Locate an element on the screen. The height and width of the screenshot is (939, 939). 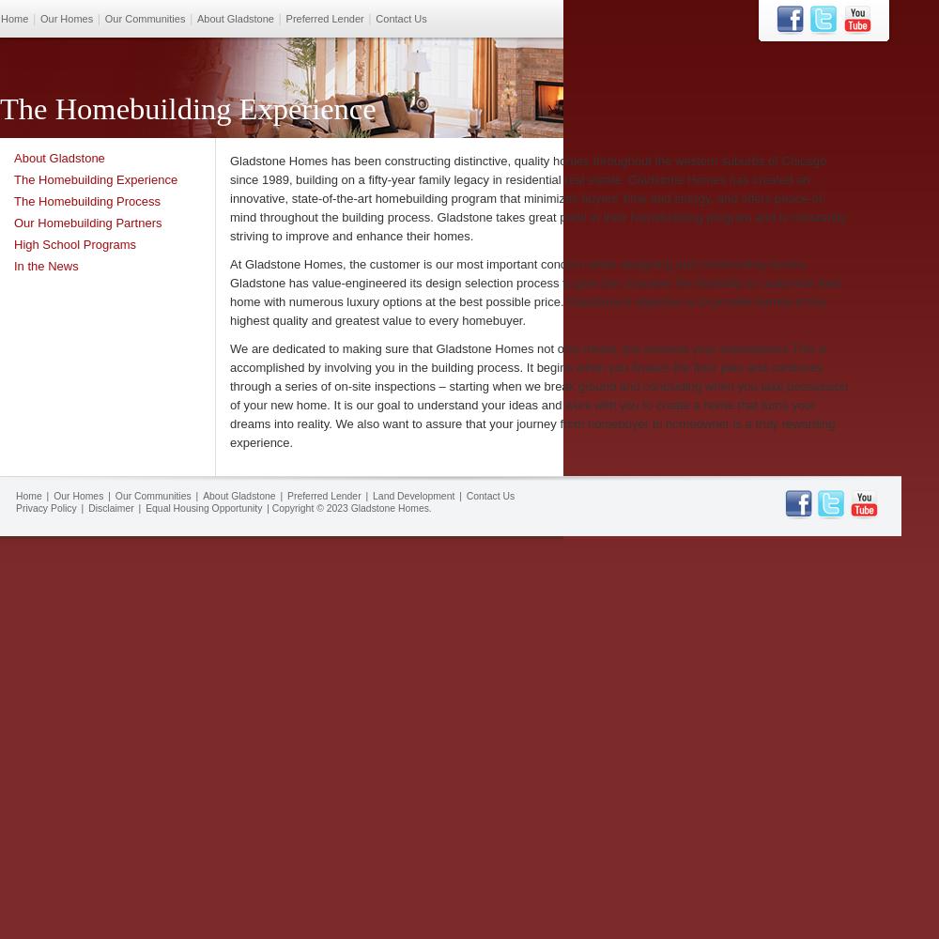
'In the News' is located at coordinates (46, 266).